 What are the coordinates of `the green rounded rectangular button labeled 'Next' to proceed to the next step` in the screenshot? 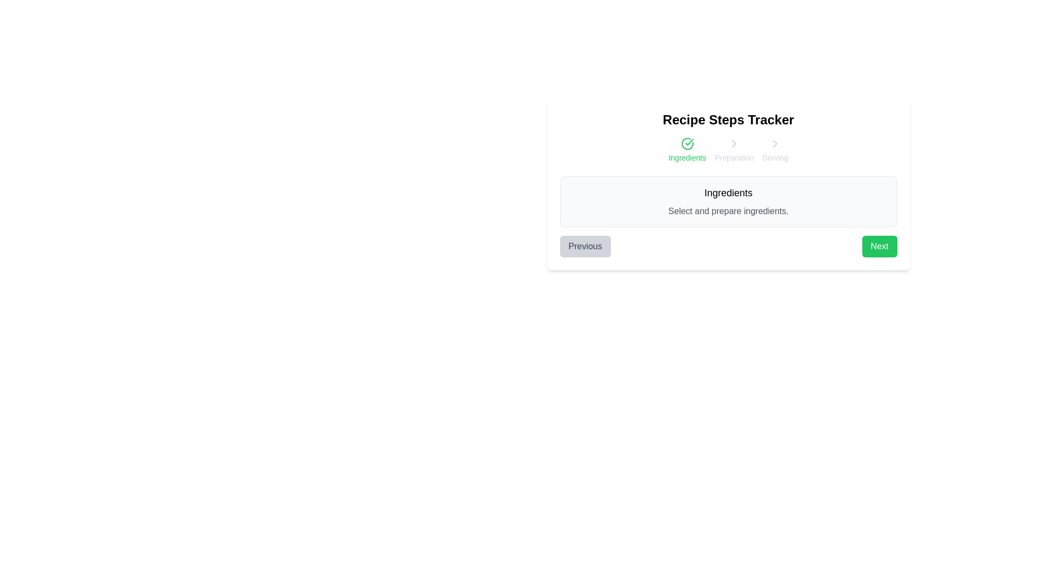 It's located at (880, 246).